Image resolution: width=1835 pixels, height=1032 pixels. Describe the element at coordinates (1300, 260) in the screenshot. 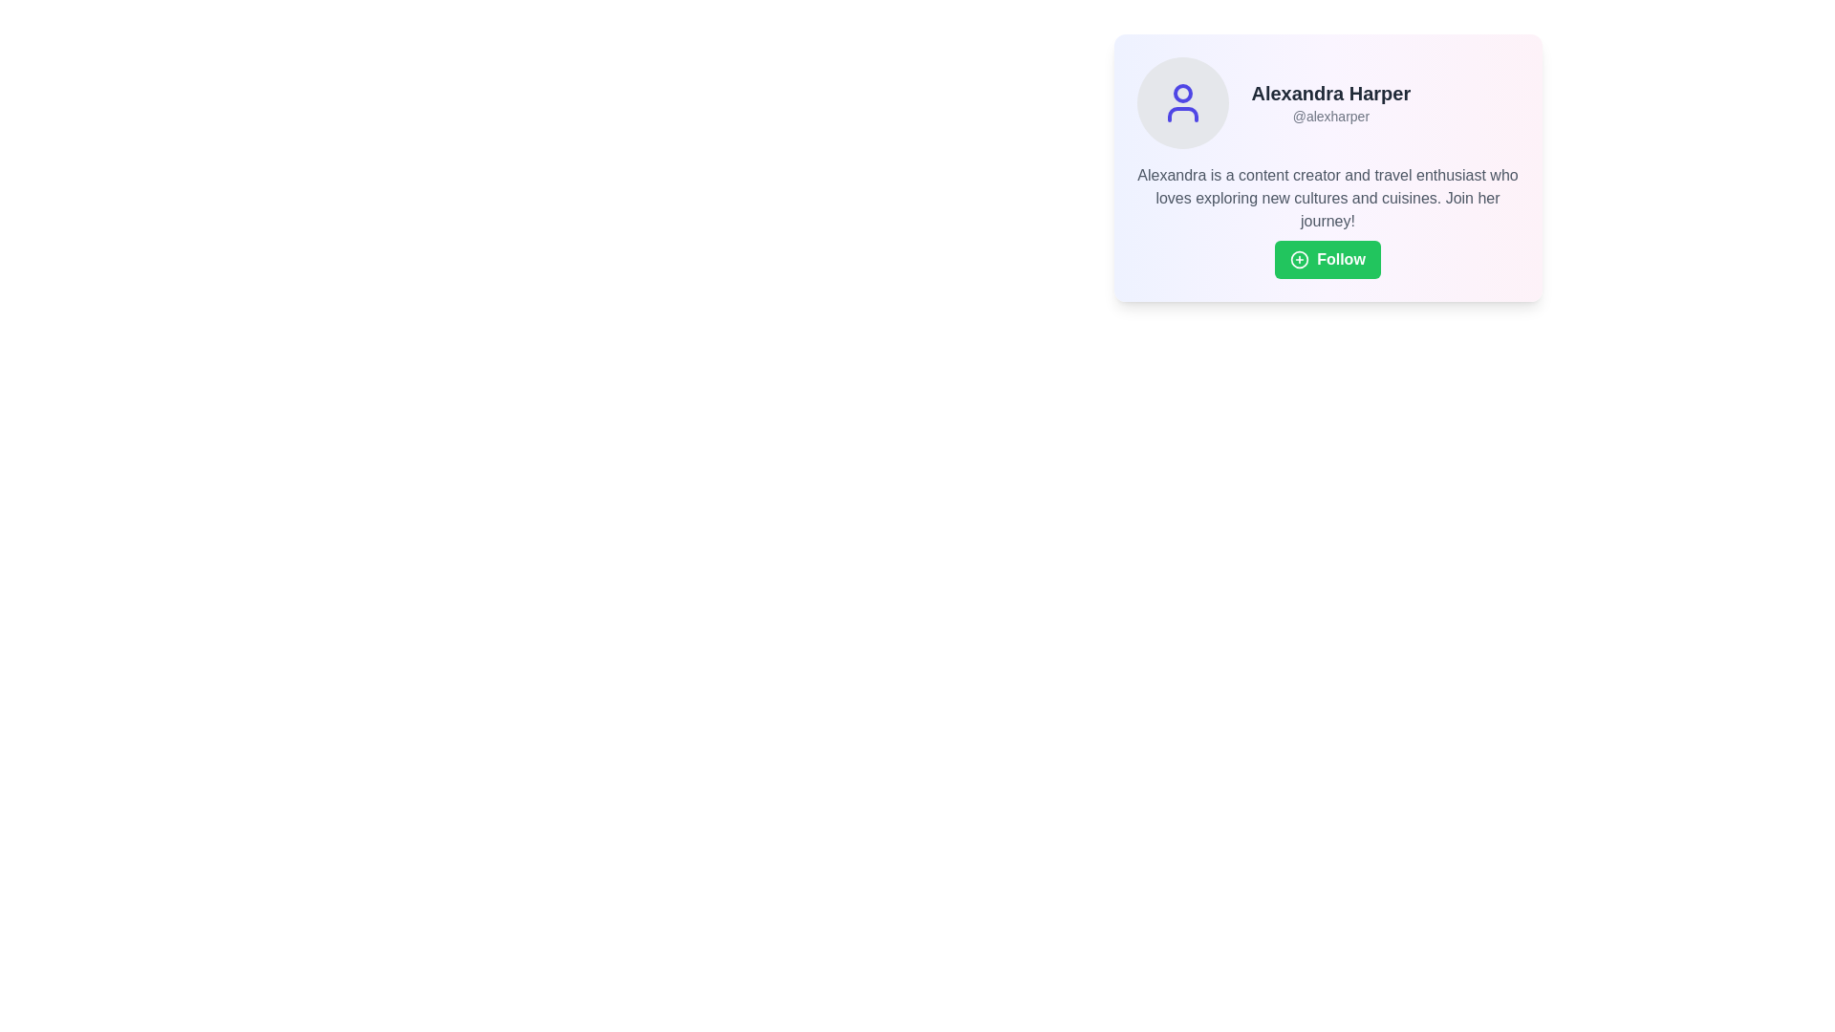

I see `the green plus icon within the 'Follow' button, located to the left of the text label, indicating its addition or creation functionality` at that location.